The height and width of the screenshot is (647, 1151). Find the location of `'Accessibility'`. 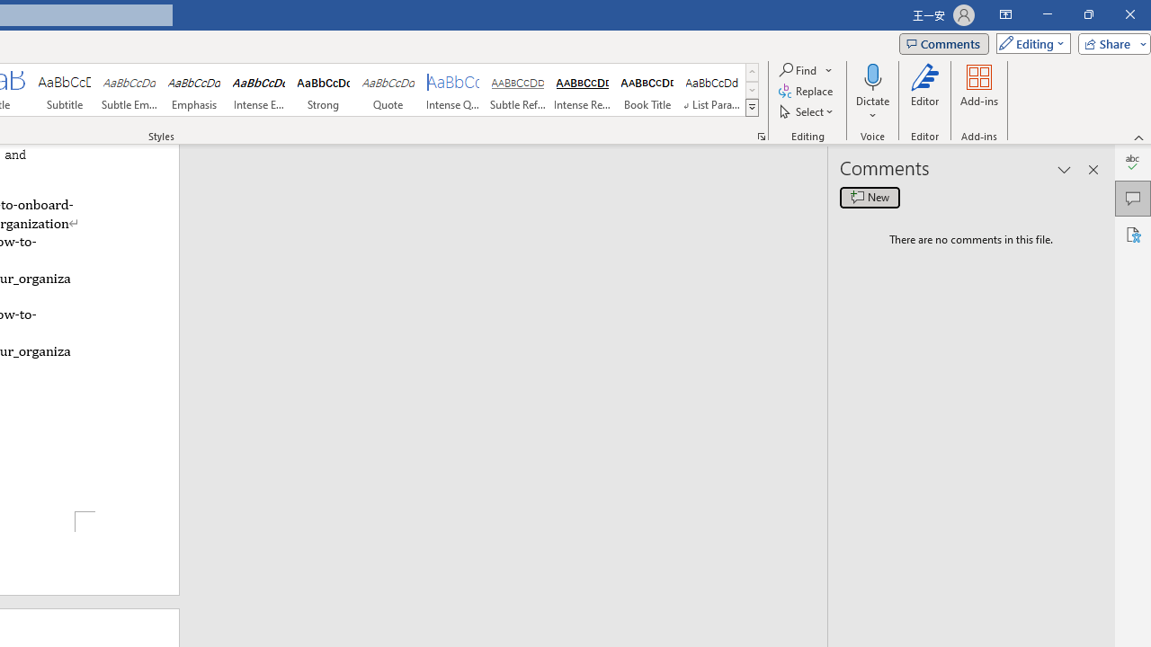

'Accessibility' is located at coordinates (1132, 234).